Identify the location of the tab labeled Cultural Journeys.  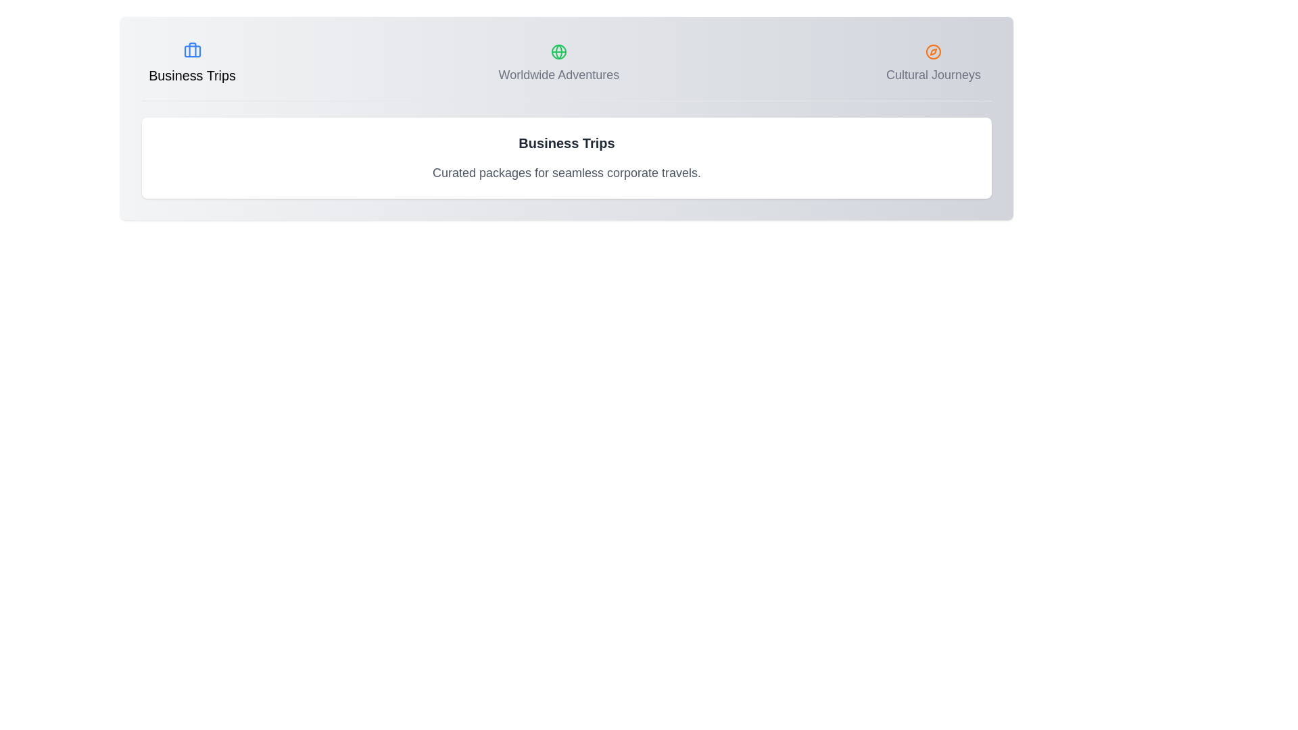
(933, 64).